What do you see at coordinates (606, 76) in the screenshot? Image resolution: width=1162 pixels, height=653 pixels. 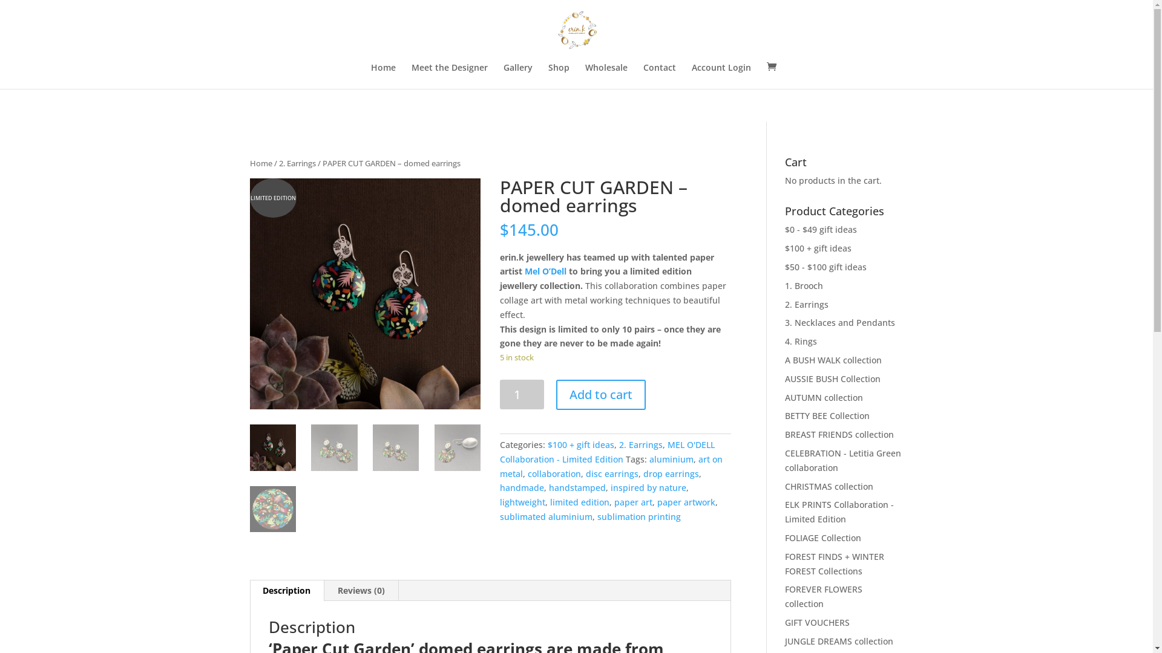 I see `'Wholesale'` at bounding box center [606, 76].